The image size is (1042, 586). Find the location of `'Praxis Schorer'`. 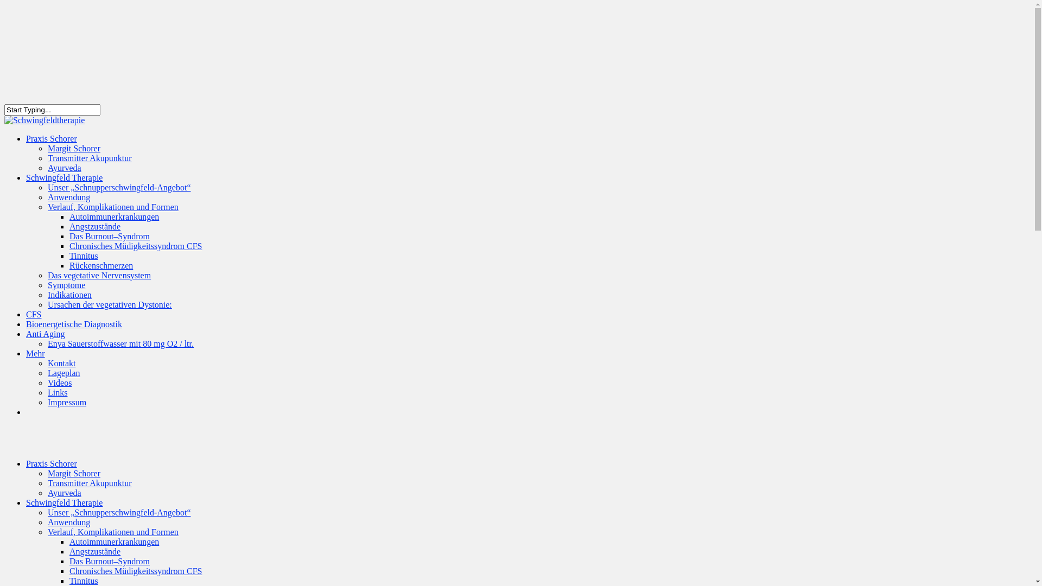

'Praxis Schorer' is located at coordinates (51, 145).